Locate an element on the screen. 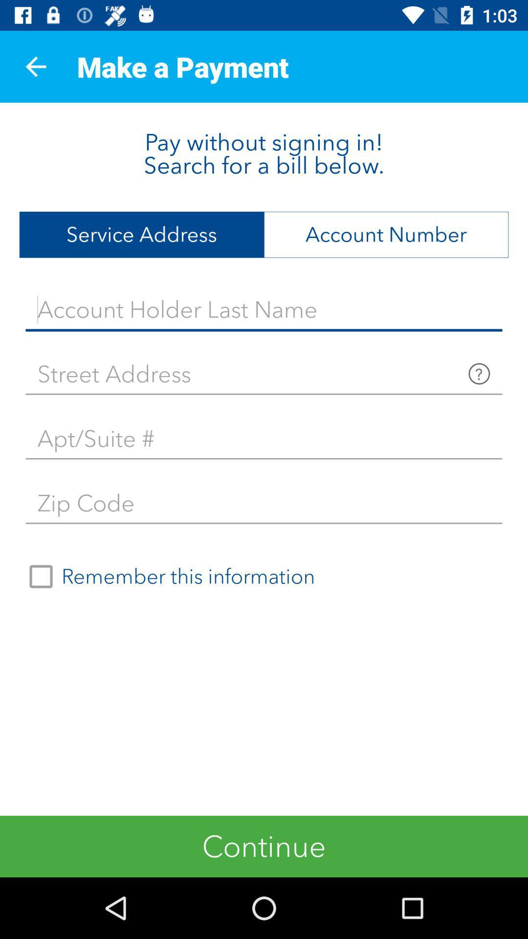 The width and height of the screenshot is (528, 939). the item above the pay without signing is located at coordinates (35, 66).